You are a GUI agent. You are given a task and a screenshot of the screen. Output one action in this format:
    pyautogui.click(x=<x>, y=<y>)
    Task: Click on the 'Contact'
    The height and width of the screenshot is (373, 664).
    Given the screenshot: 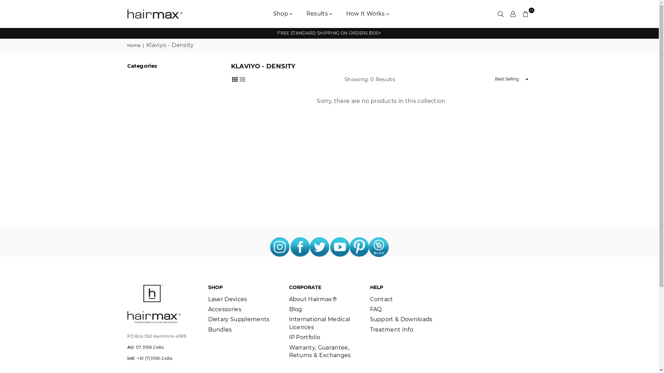 What is the action you would take?
    pyautogui.click(x=381, y=299)
    